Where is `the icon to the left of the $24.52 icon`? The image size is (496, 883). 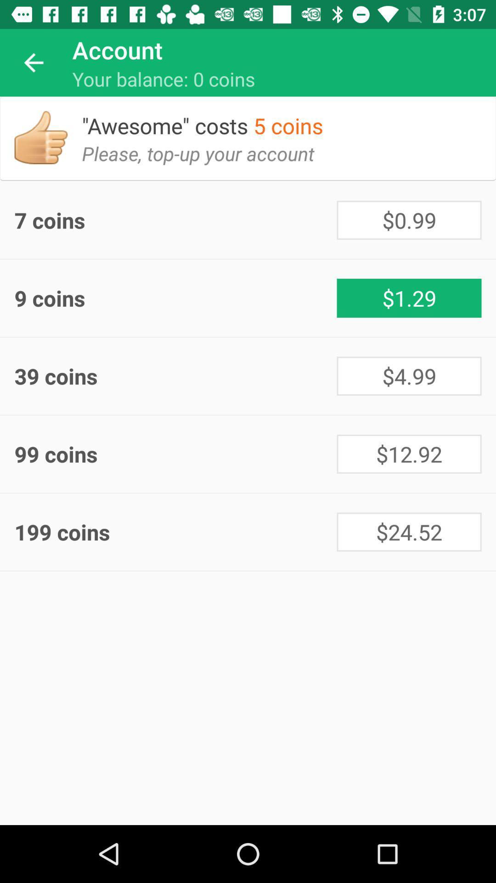
the icon to the left of the $24.52 icon is located at coordinates (175, 532).